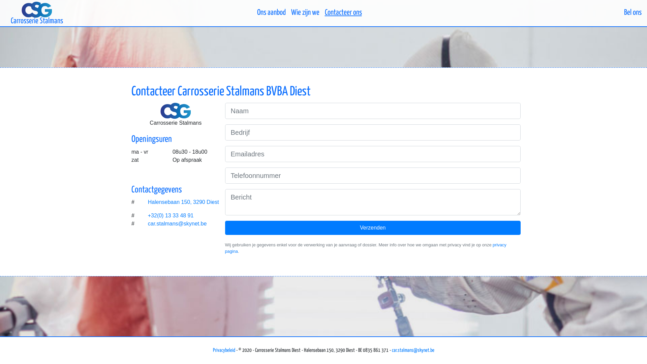 The height and width of the screenshot is (364, 647). Describe the element at coordinates (391, 350) in the screenshot. I see `'car.stalmans@skynet.be'` at that location.